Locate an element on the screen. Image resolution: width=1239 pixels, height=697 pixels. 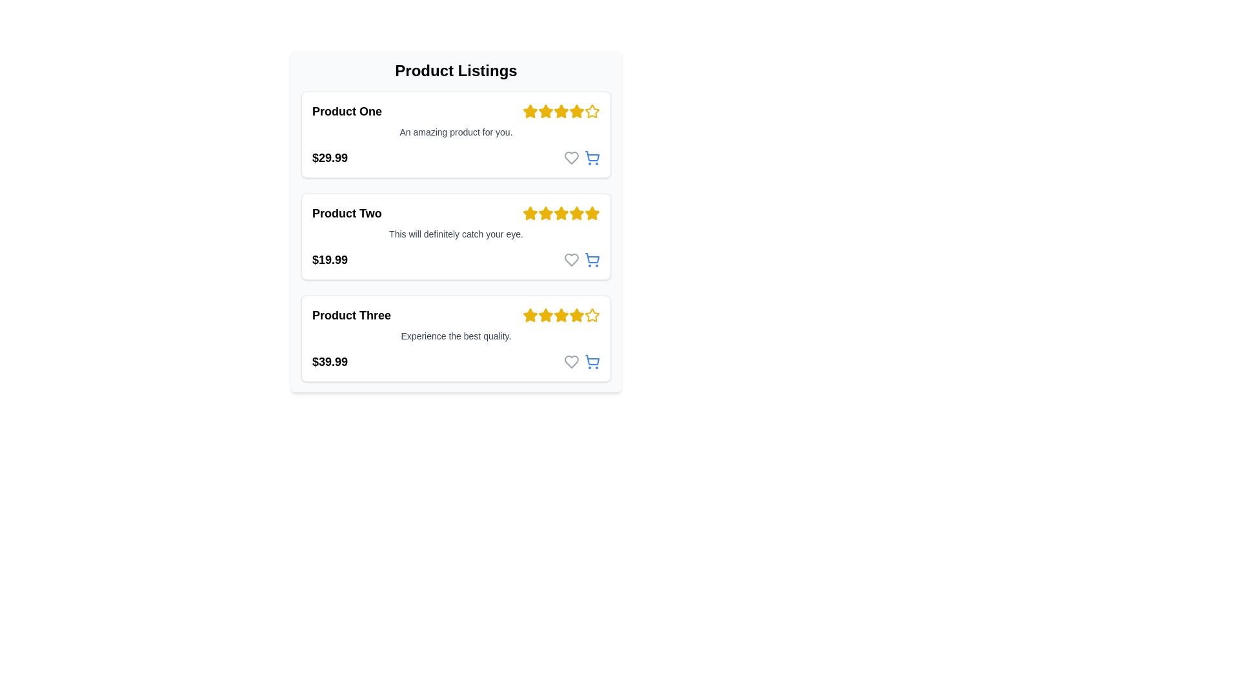
the visual state of the fourth yellow filled star icon in the five-star rating system for the second product in the 'Product Listings' section is located at coordinates (530, 212).